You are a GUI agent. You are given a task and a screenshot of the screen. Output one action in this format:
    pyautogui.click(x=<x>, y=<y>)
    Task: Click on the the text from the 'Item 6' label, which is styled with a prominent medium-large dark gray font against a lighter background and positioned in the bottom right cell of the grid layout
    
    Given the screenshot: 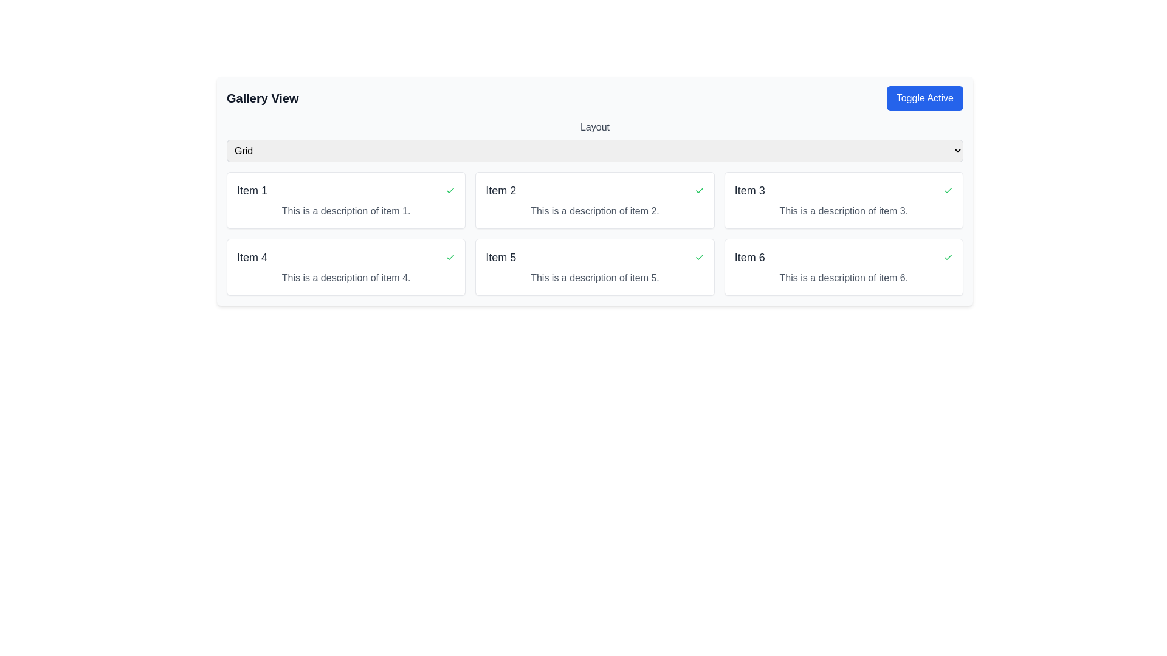 What is the action you would take?
    pyautogui.click(x=749, y=257)
    